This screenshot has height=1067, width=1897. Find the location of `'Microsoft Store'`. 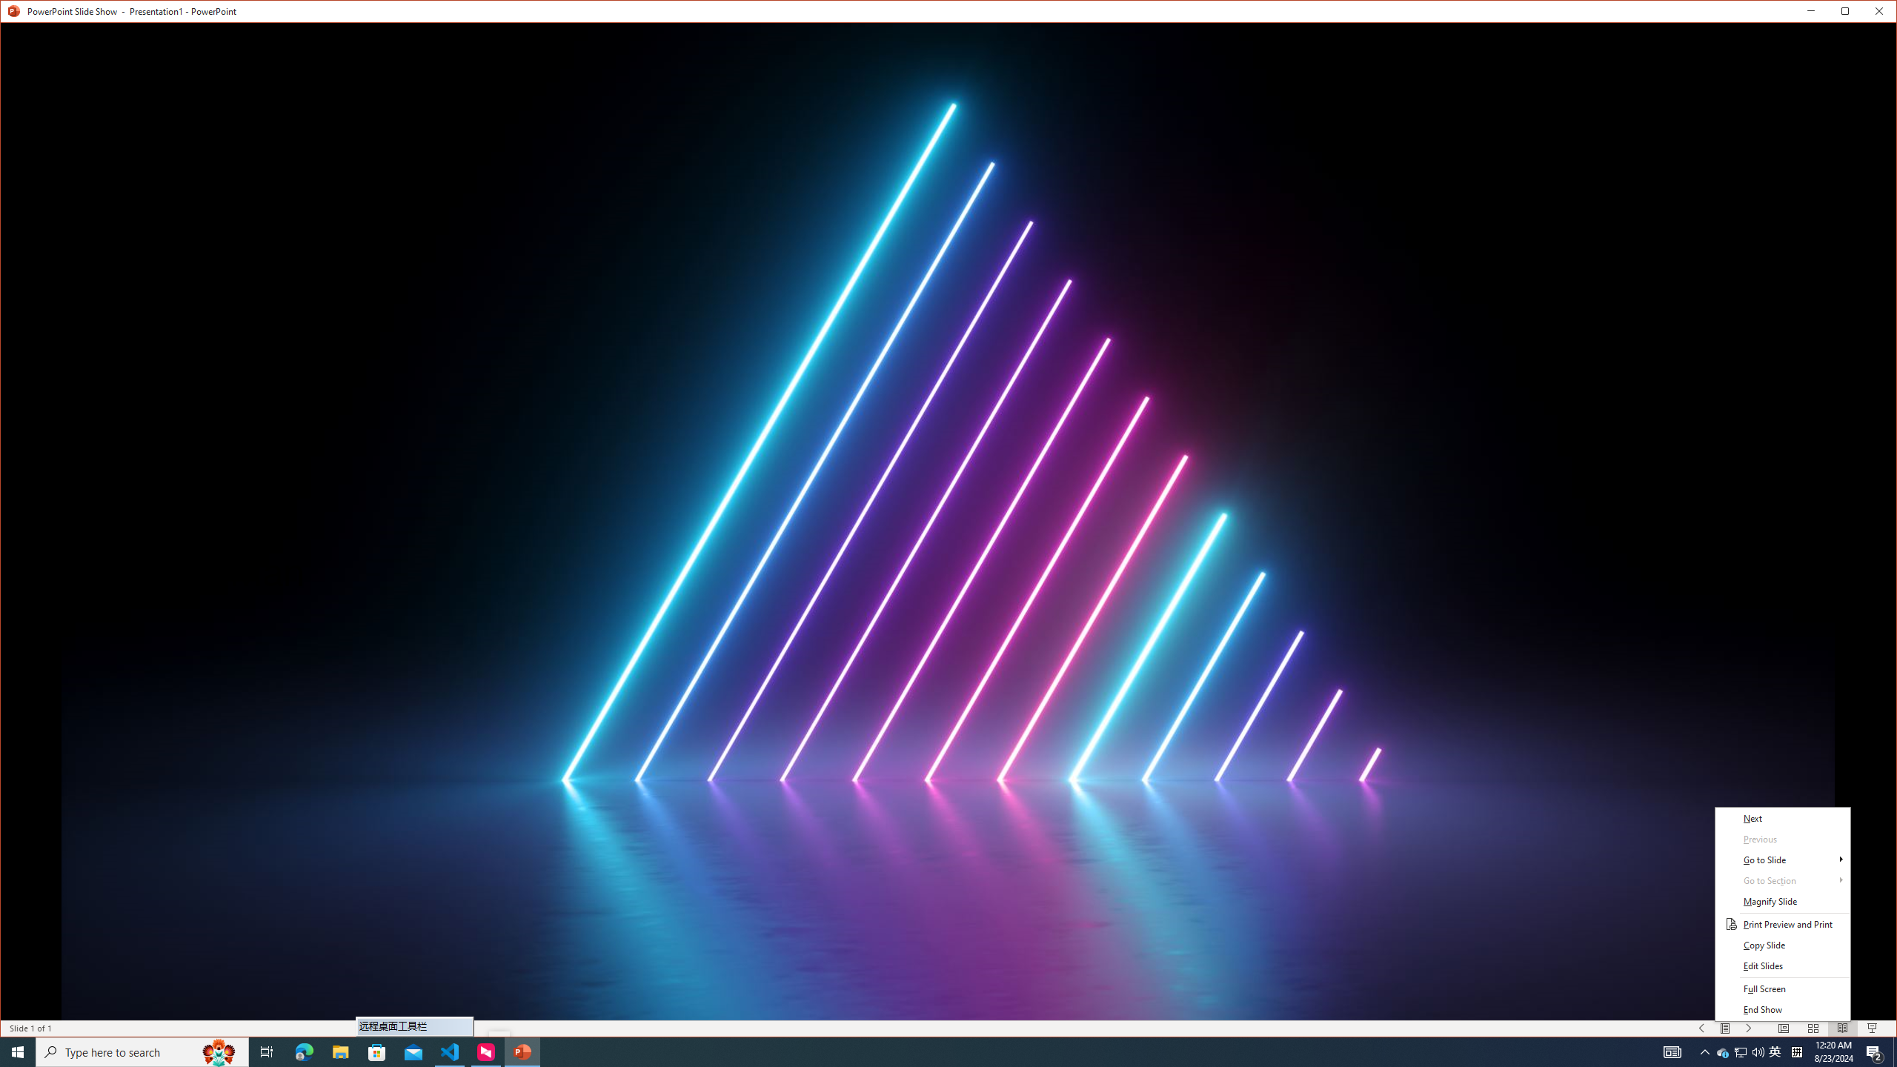

'Microsoft Store' is located at coordinates (377, 1051).